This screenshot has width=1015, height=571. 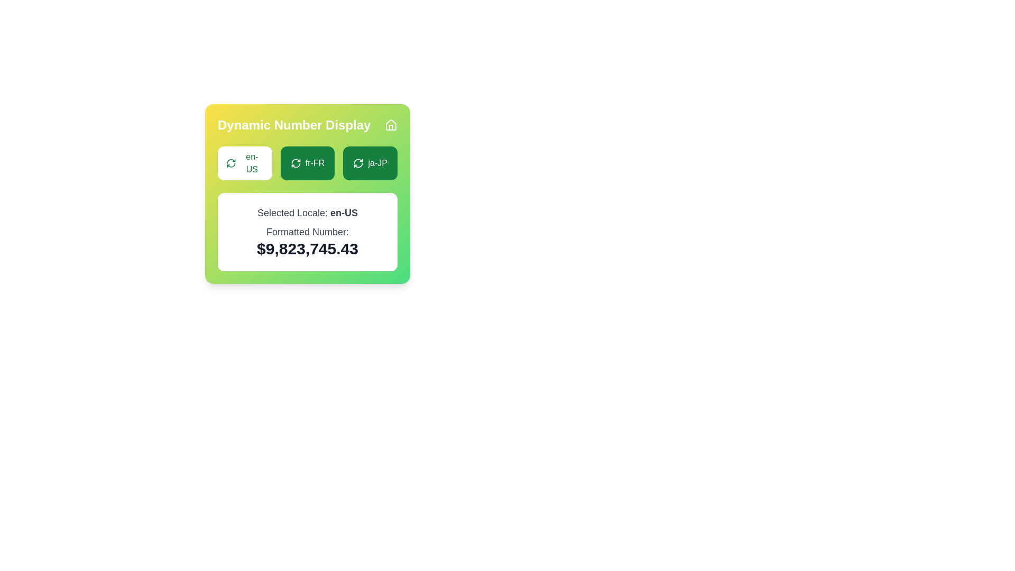 I want to click on the bold text displaying the currently selected locale 'en-US' located beneath the green buttons and above the formatted number display, so click(x=344, y=213).